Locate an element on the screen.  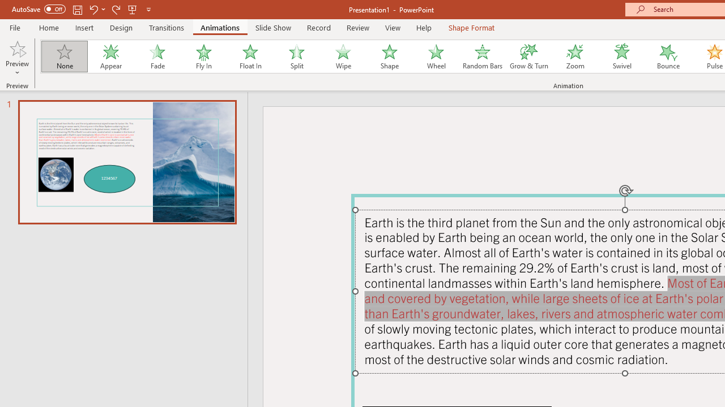
'Bounce' is located at coordinates (668, 57).